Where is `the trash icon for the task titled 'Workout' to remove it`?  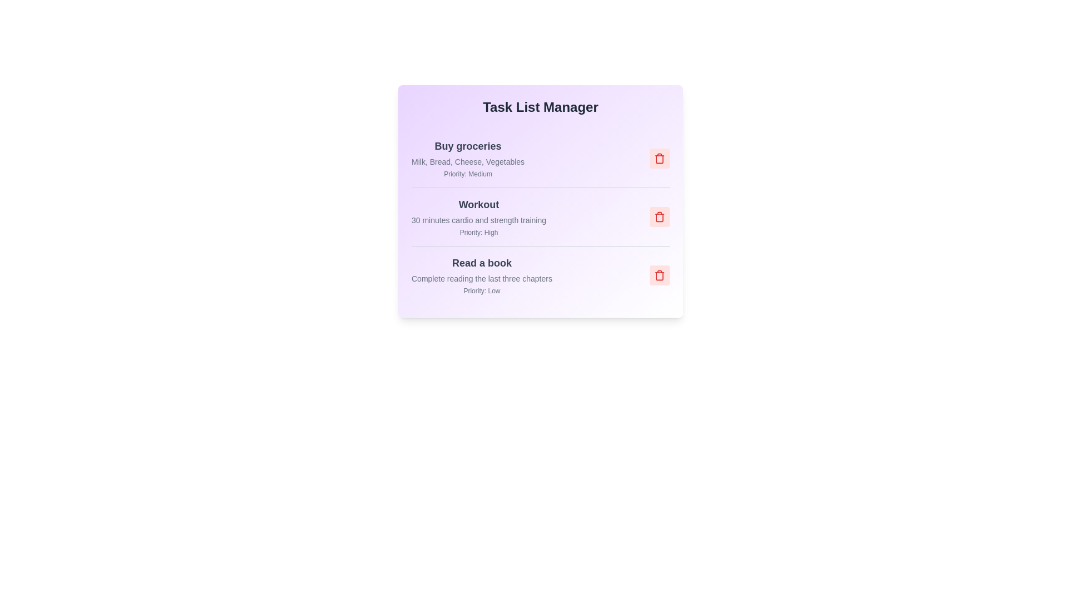 the trash icon for the task titled 'Workout' to remove it is located at coordinates (659, 216).